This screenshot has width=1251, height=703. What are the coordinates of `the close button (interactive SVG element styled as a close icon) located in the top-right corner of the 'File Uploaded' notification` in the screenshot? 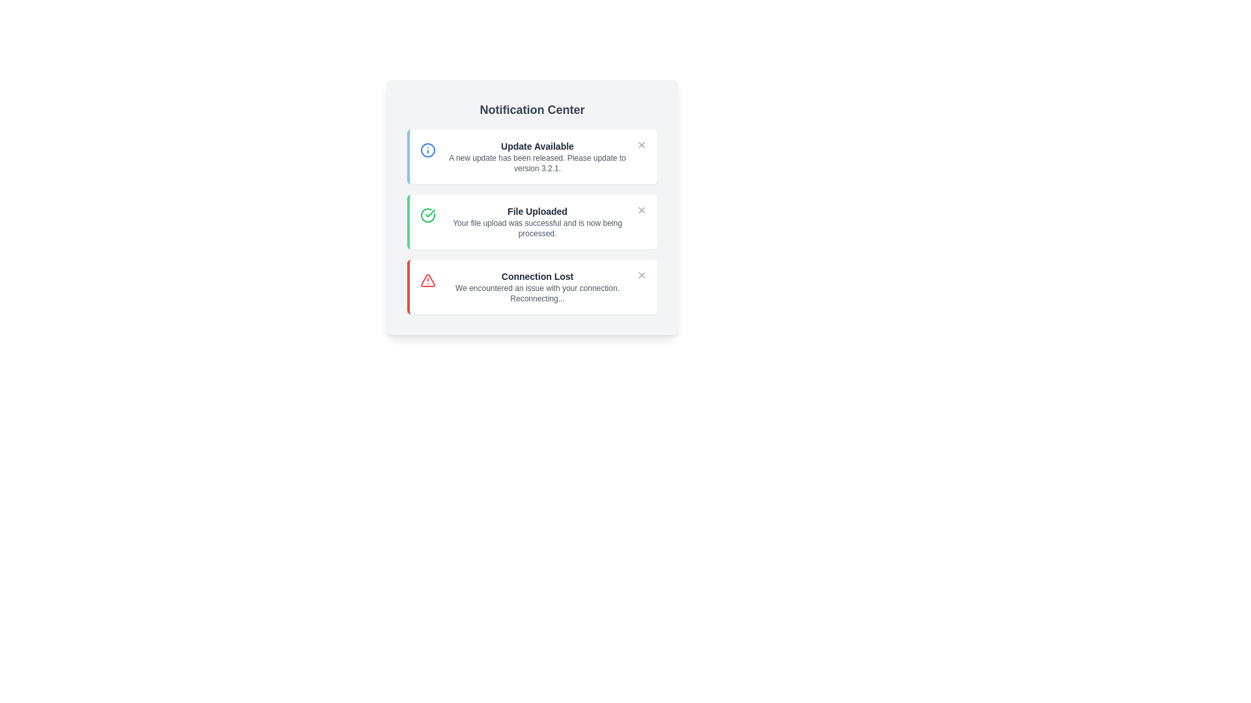 It's located at (641, 210).